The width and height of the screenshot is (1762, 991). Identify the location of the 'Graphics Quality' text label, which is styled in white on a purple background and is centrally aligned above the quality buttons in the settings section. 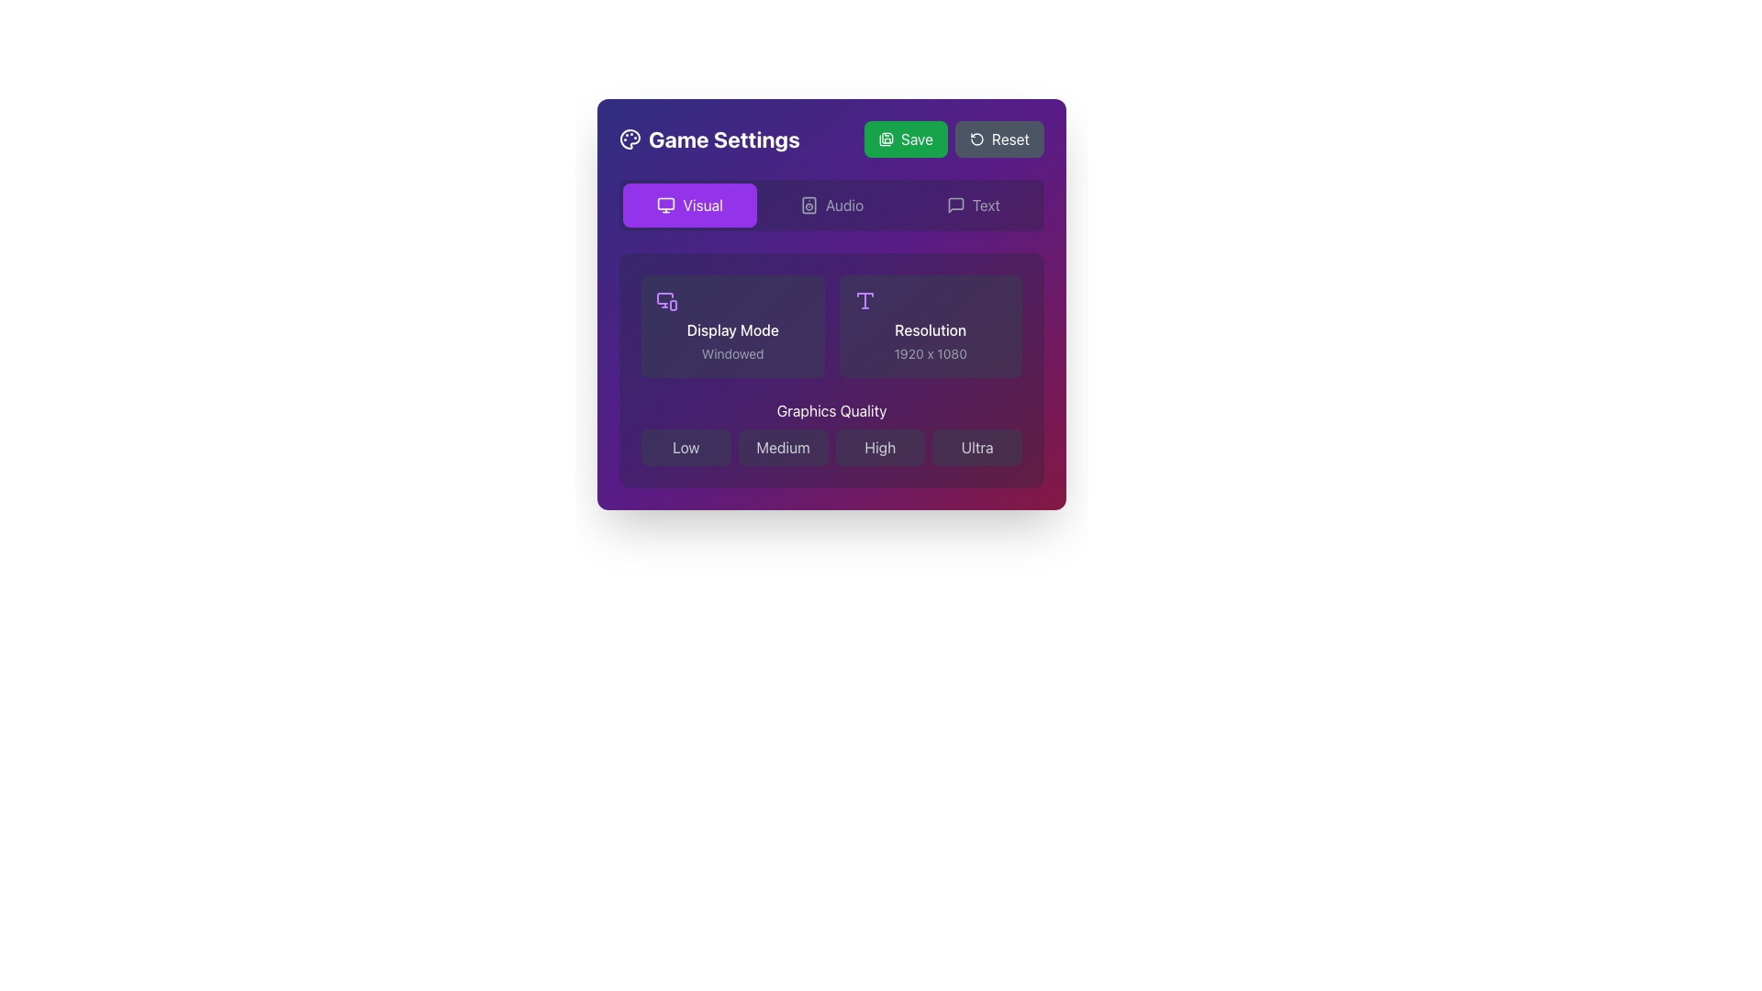
(831, 409).